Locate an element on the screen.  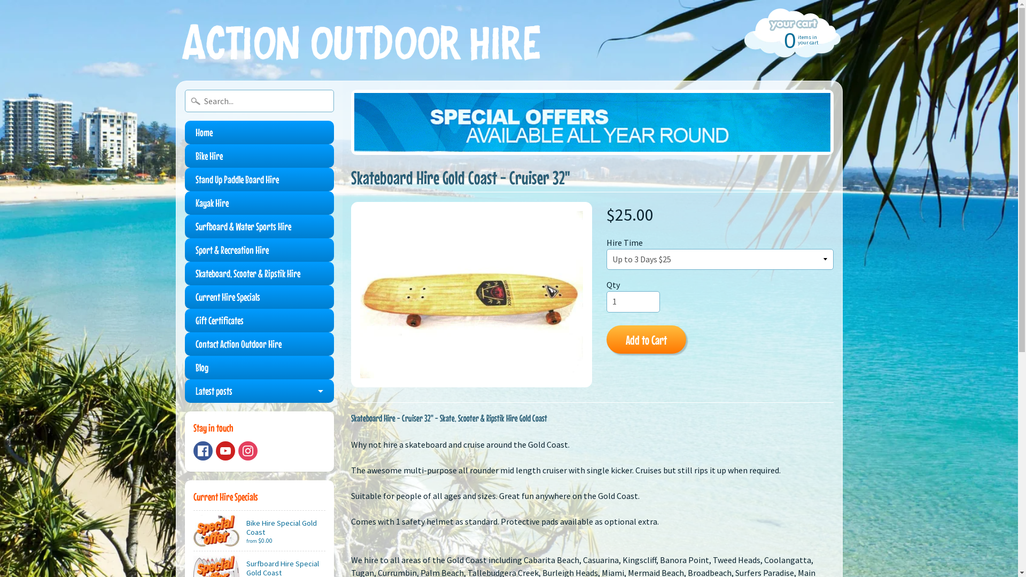
'Bike Hire' is located at coordinates (259, 156).